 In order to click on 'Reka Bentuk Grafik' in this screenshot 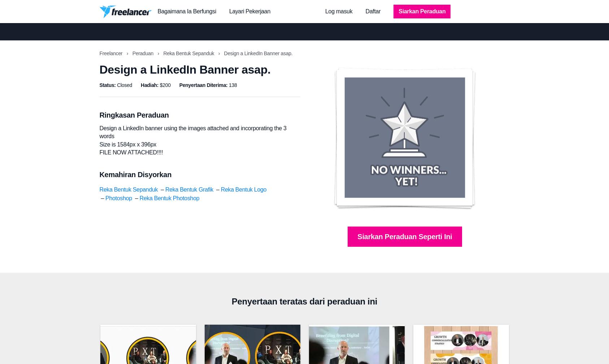, I will do `click(188, 189)`.